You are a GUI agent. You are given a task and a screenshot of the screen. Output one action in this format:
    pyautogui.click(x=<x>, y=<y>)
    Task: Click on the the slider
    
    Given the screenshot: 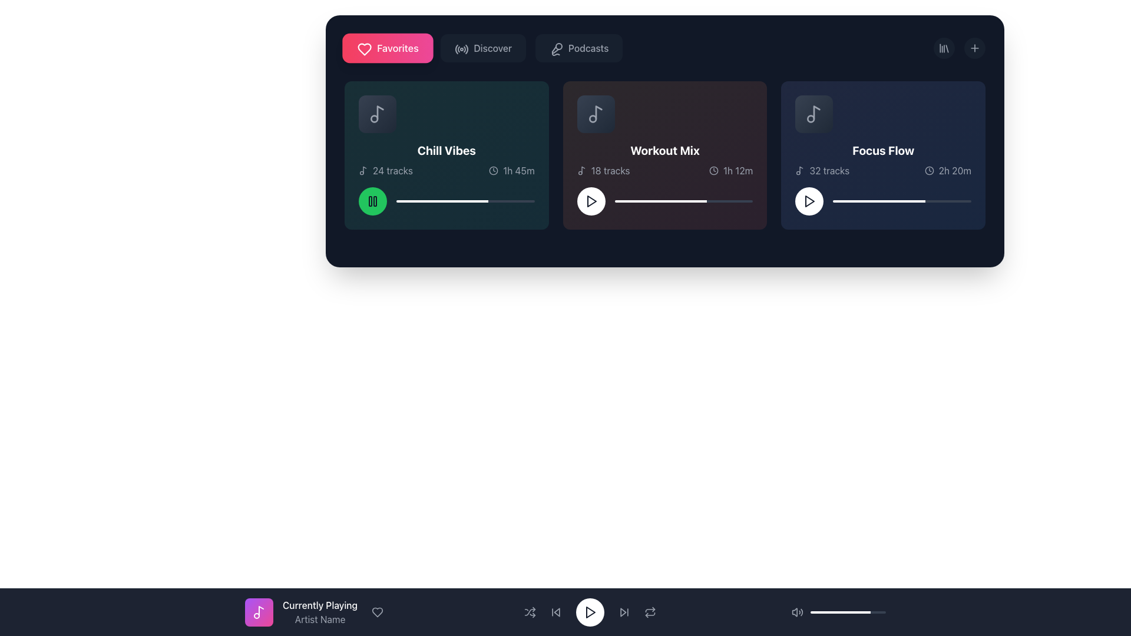 What is the action you would take?
    pyautogui.click(x=738, y=201)
    